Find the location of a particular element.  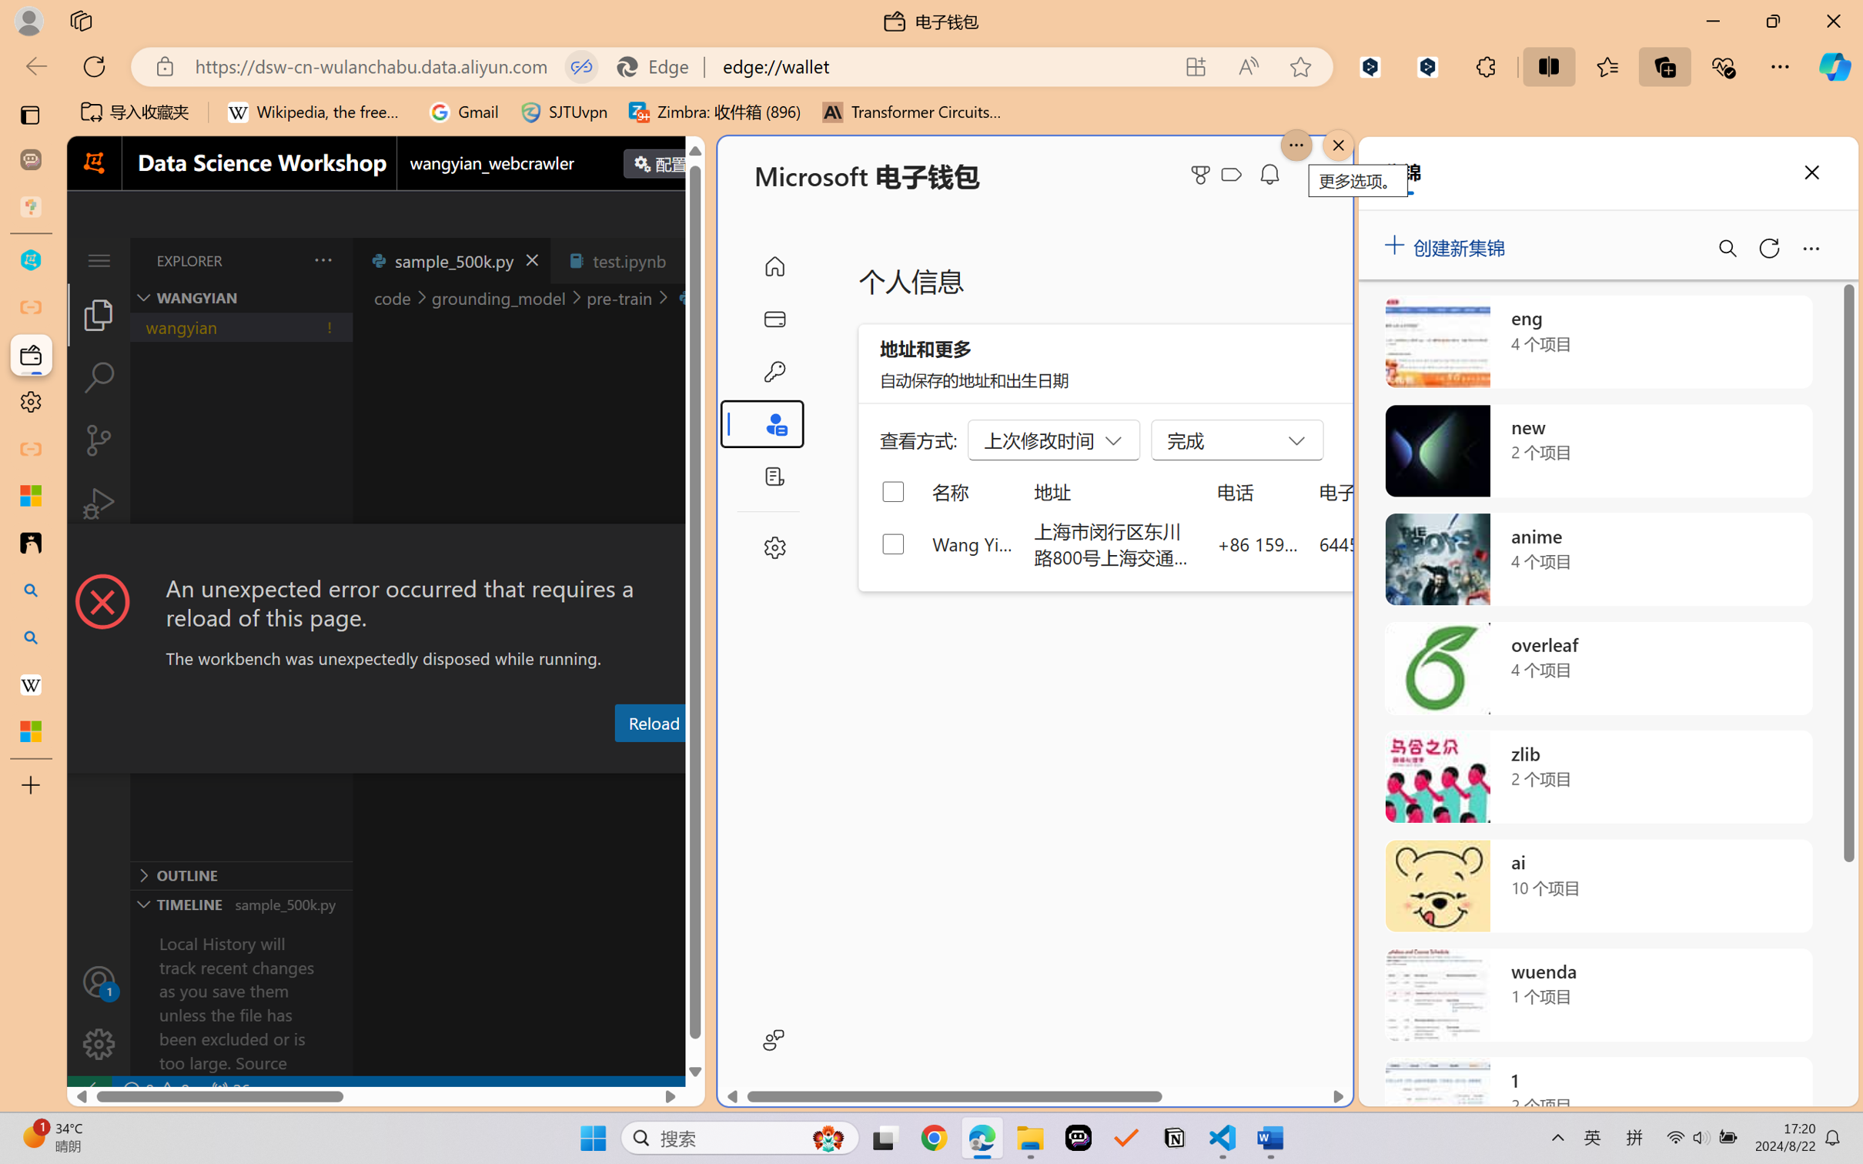

'SJTUvpn' is located at coordinates (564, 112).